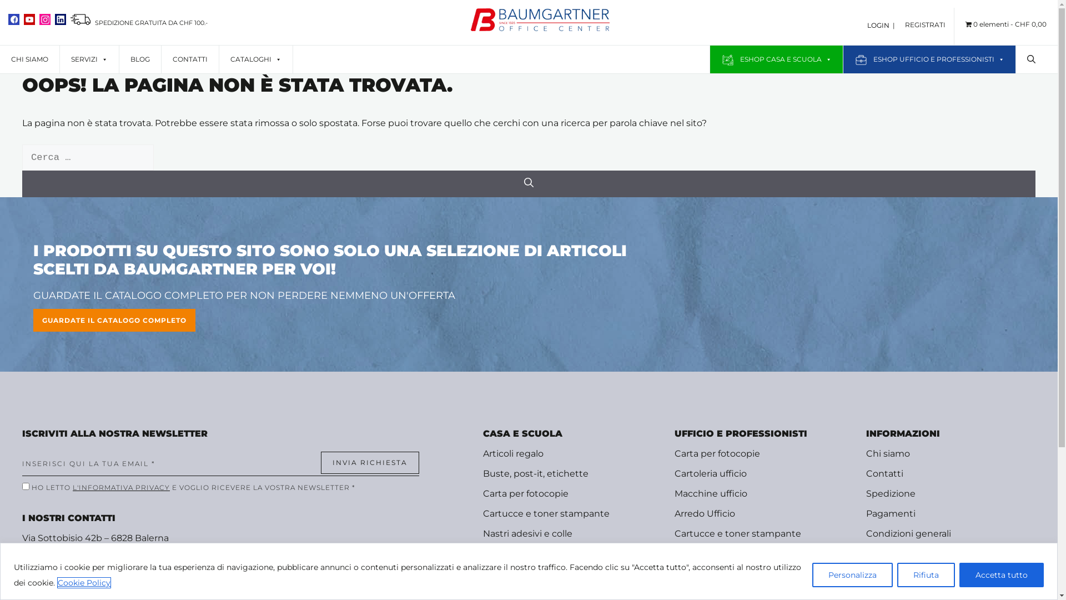 This screenshot has width=1066, height=600. Describe the element at coordinates (866, 513) in the screenshot. I see `'Pagamenti'` at that location.